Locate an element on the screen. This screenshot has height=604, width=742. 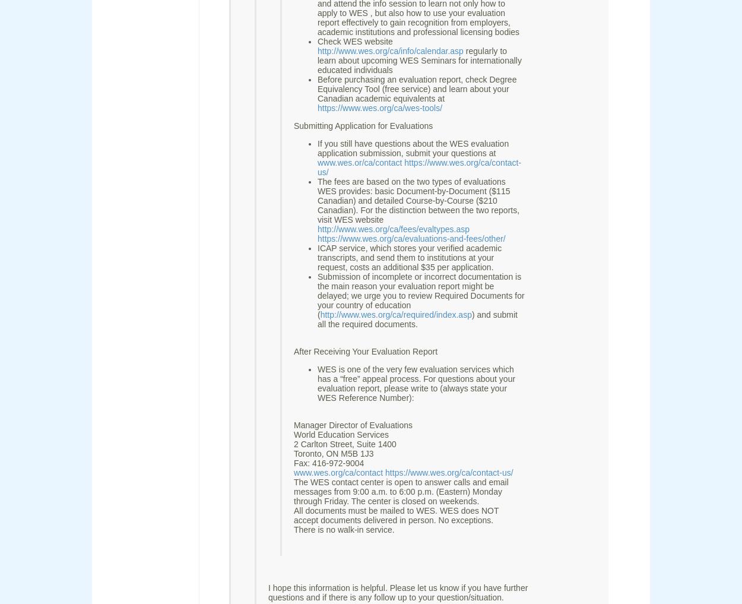
'regularly to learn about upcoming WES Seminars for internationally educated individuals' is located at coordinates (418, 61).